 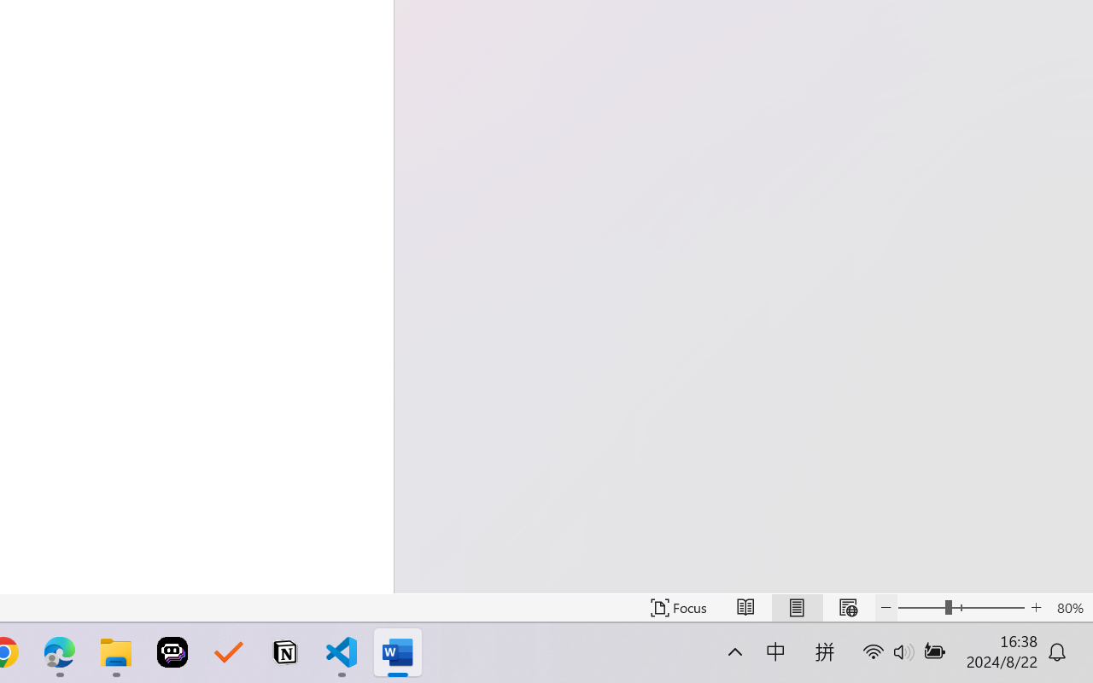 What do you see at coordinates (1069, 607) in the screenshot?
I see `'Zoom 80%'` at bounding box center [1069, 607].